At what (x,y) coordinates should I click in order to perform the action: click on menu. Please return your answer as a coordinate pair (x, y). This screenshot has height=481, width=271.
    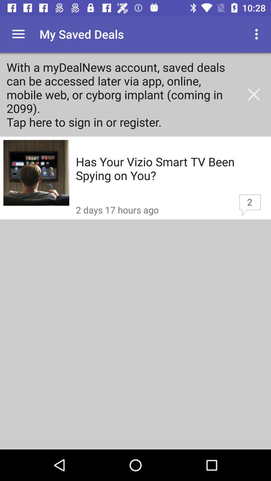
    Looking at the image, I should click on (18, 34).